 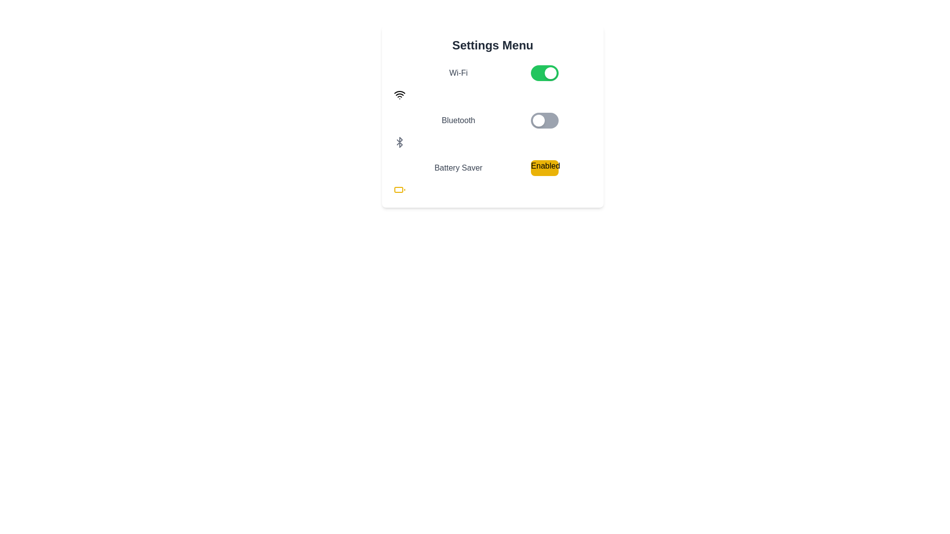 What do you see at coordinates (544, 72) in the screenshot?
I see `the toggle switch for the 'Wi-Fi' setting located in the 'Settings Menu' section, positioned to the right of the 'Wi-Fi' label` at bounding box center [544, 72].